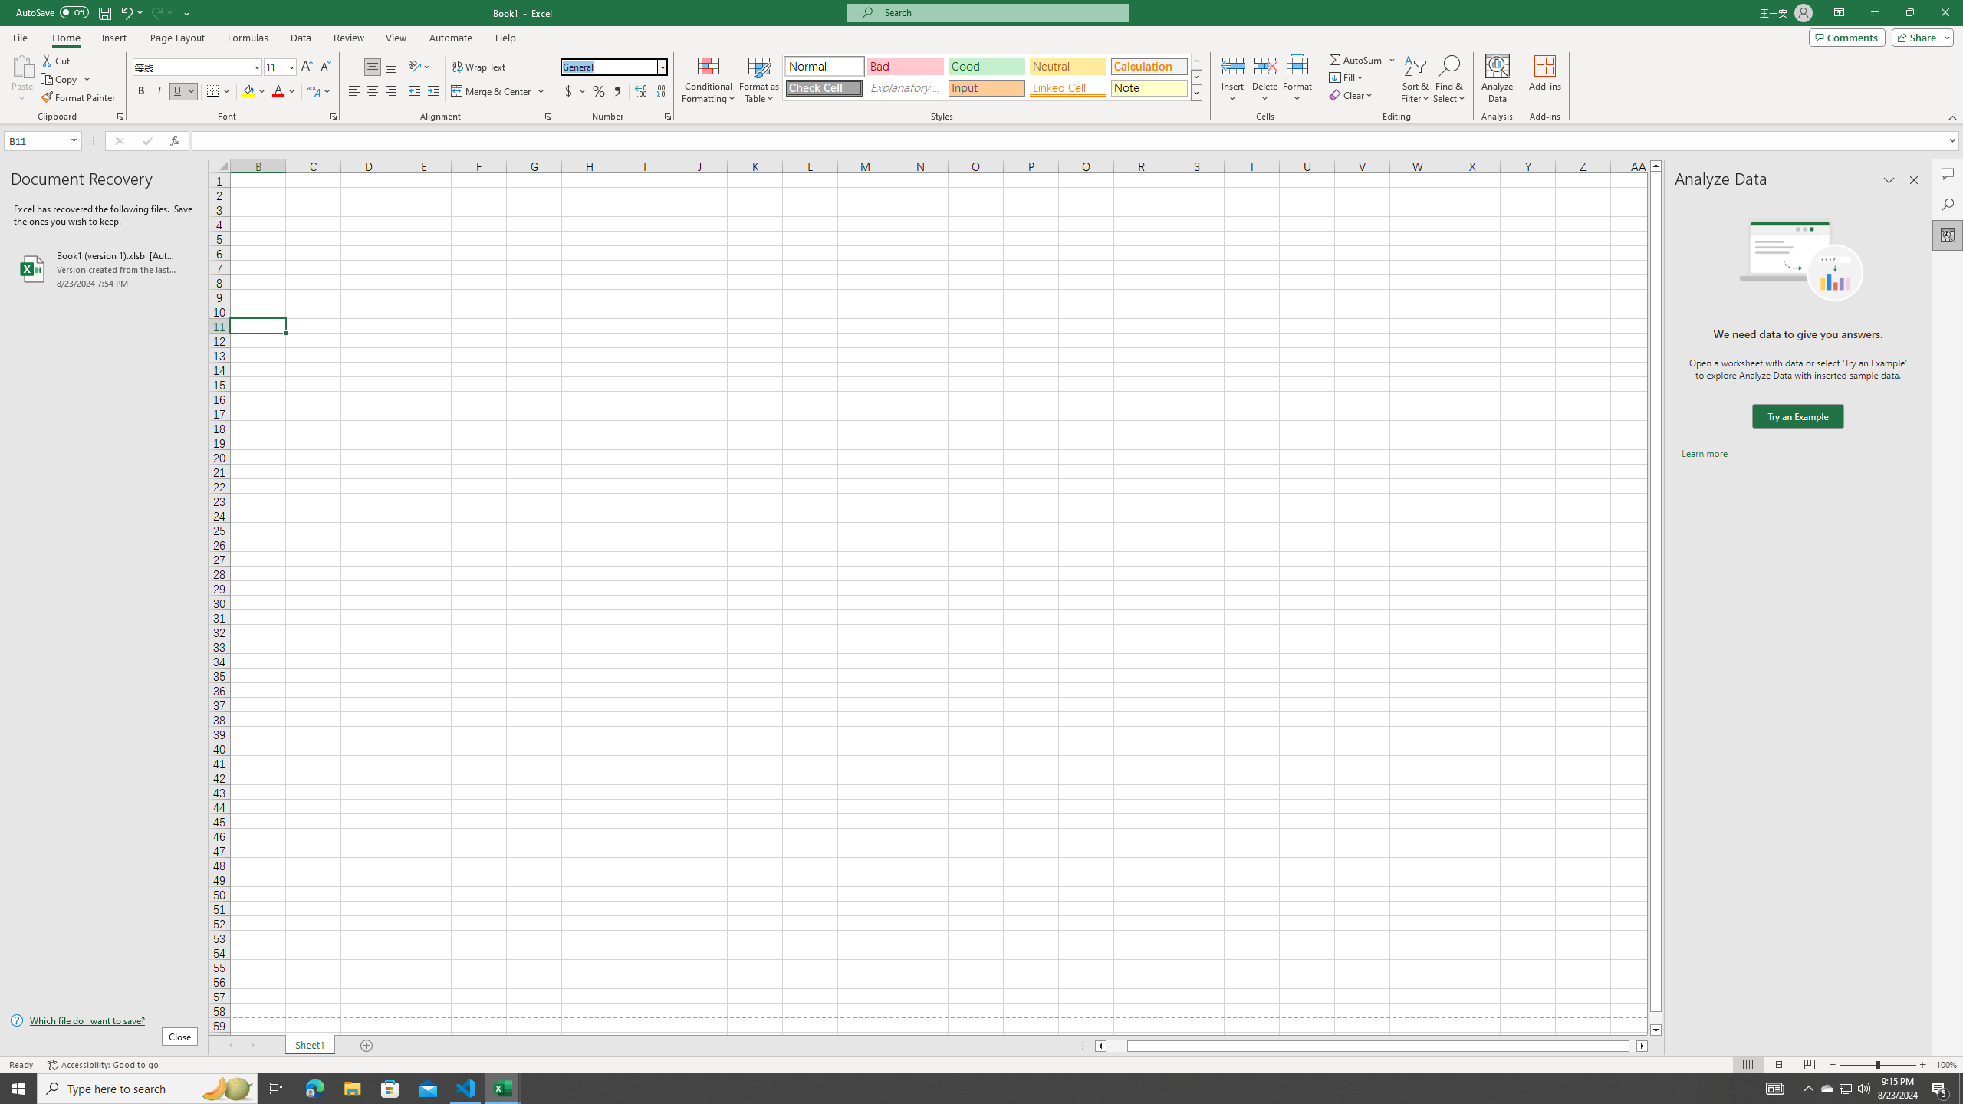 The image size is (1963, 1104). Describe the element at coordinates (60, 79) in the screenshot. I see `'Copy'` at that location.